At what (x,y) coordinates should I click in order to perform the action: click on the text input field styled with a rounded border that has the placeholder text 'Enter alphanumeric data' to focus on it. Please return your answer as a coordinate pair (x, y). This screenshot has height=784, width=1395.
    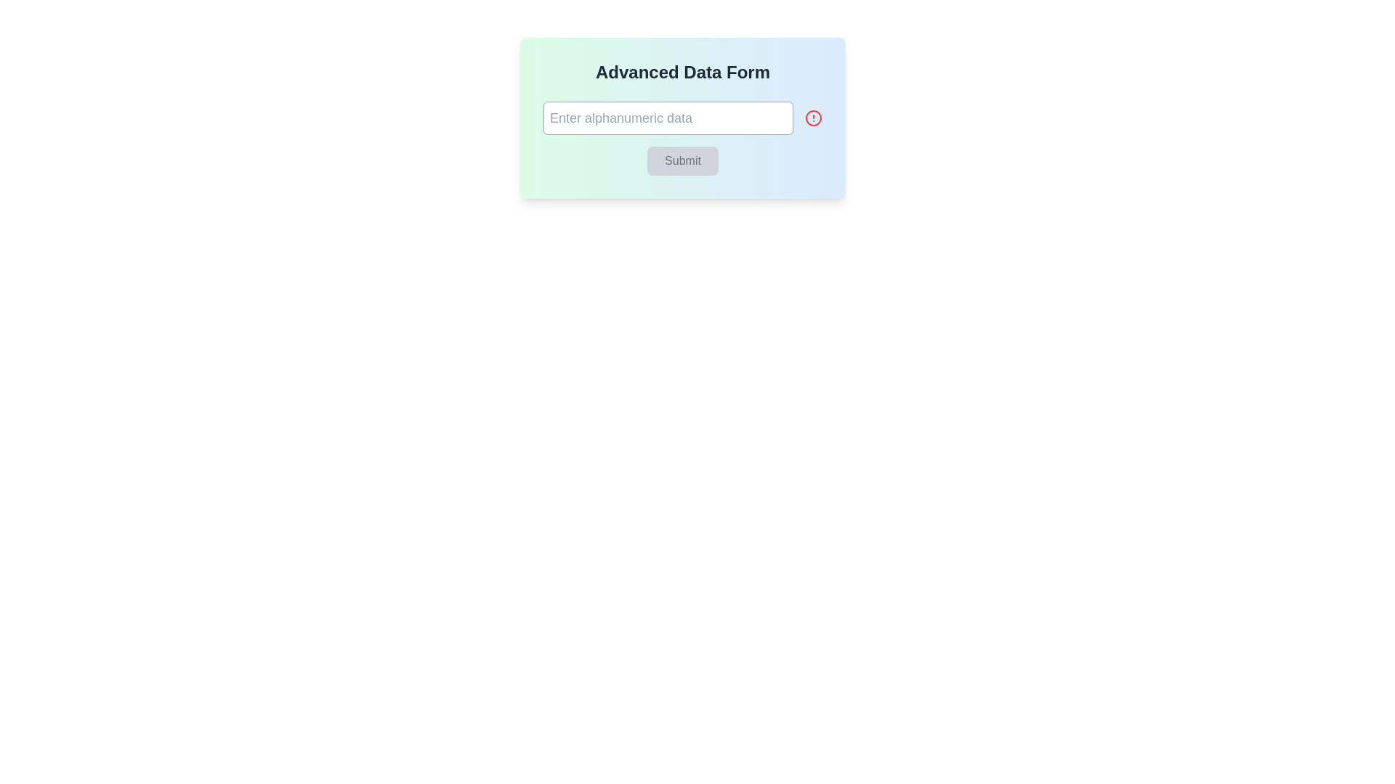
    Looking at the image, I should click on (668, 117).